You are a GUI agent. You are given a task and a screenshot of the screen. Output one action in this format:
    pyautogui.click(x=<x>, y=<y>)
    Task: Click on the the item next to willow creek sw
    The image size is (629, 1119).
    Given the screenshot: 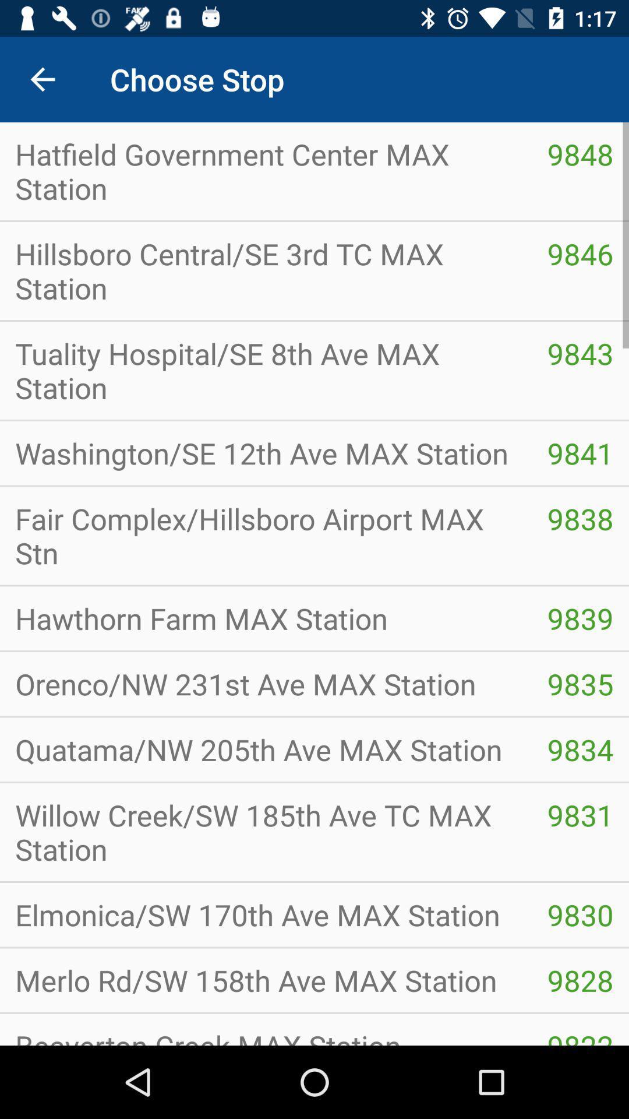 What is the action you would take?
    pyautogui.click(x=580, y=914)
    